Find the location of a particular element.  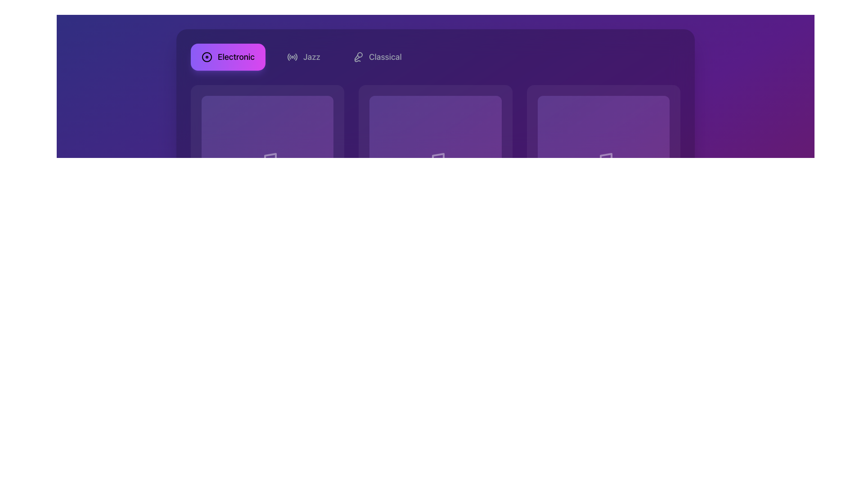

the button labeled 'Jazz' which contains the icon representing the 'Jazz' category in the navigation menu is located at coordinates (292, 57).